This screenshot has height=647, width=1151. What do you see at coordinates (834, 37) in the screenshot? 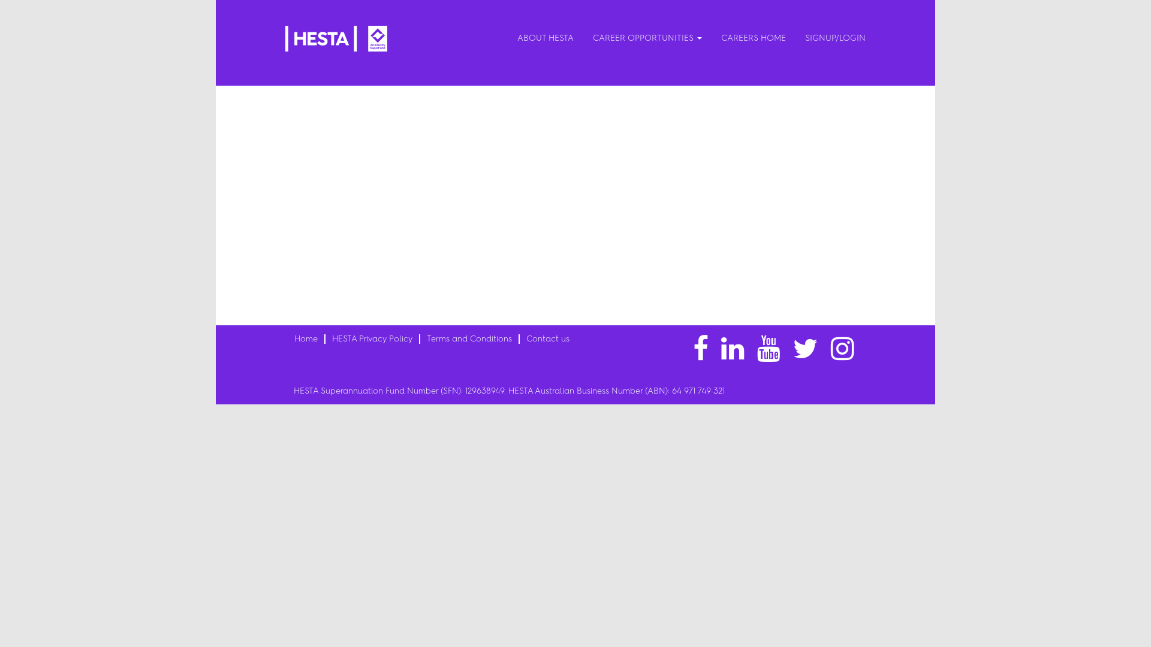
I see `'SIGNUP/LOGIN'` at bounding box center [834, 37].